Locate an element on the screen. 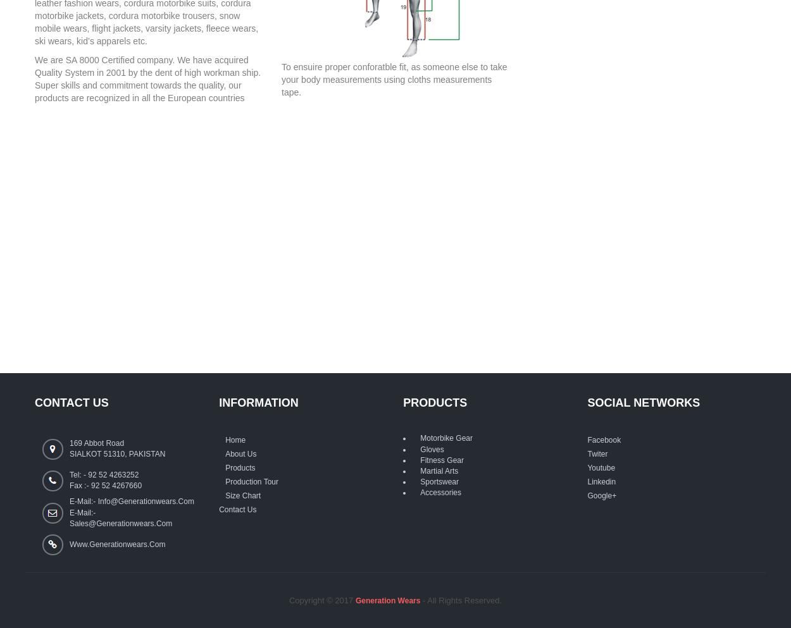 This screenshot has height=628, width=791. 'To ensuire proper conforatble fit, as someone else to take your body measurements using cloths measurements tape.' is located at coordinates (394, 79).